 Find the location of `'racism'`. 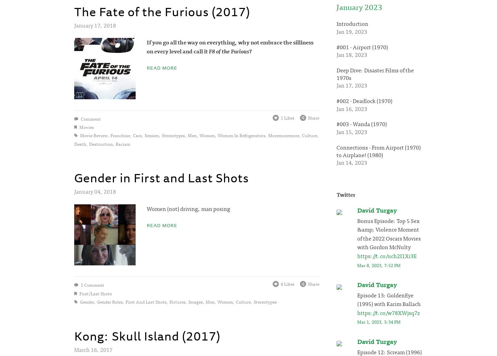

'racism' is located at coordinates (123, 143).